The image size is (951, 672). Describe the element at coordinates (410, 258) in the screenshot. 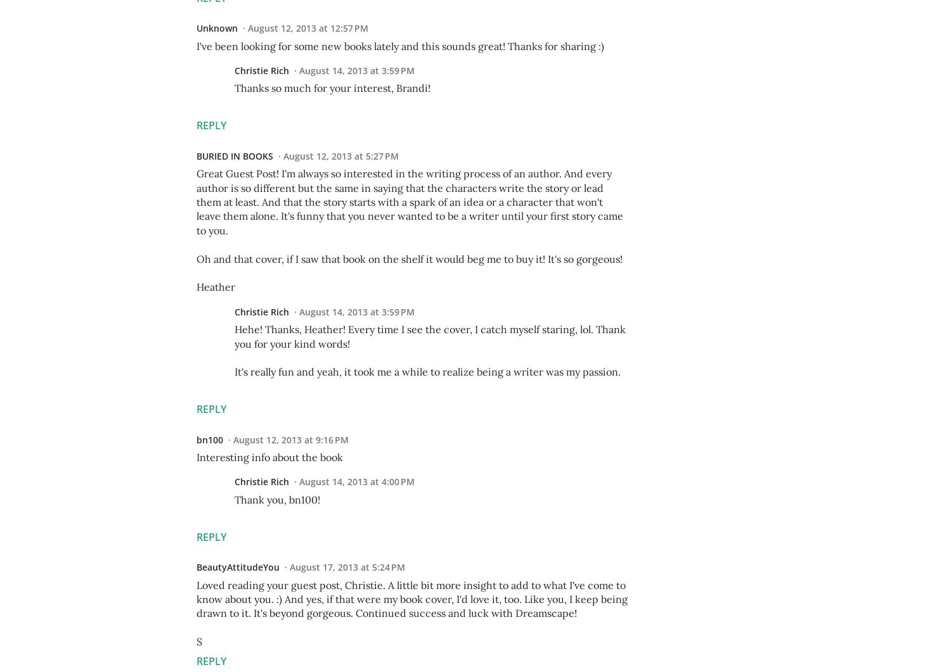

I see `'Oh and that cover, if I saw that book on the shelf it would beg me to buy it! It's so gorgeous!'` at that location.